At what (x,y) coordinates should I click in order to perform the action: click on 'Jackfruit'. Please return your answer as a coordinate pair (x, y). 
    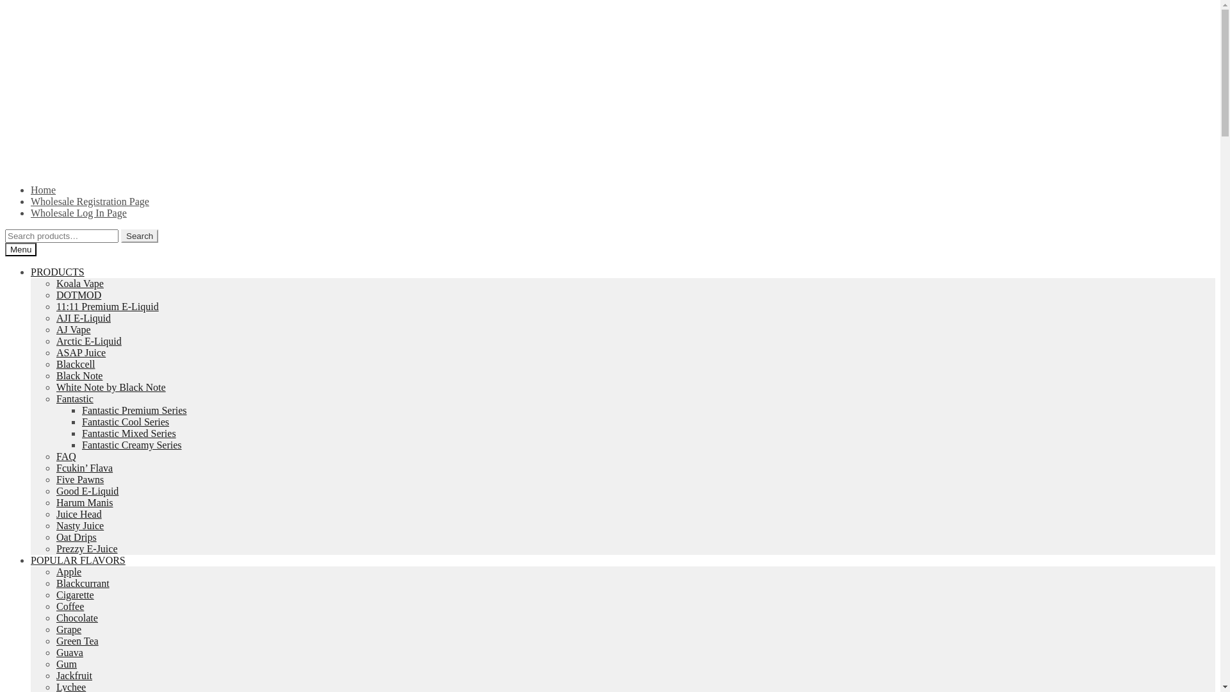
    Looking at the image, I should click on (73, 675).